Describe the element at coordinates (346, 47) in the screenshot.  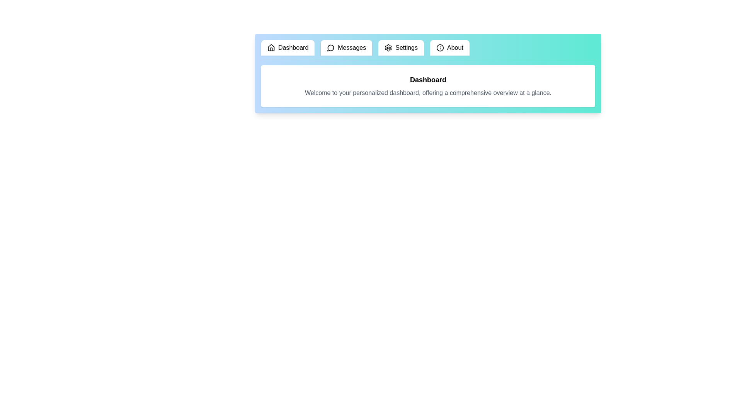
I see `the tab labeled Messages to activate it` at that location.